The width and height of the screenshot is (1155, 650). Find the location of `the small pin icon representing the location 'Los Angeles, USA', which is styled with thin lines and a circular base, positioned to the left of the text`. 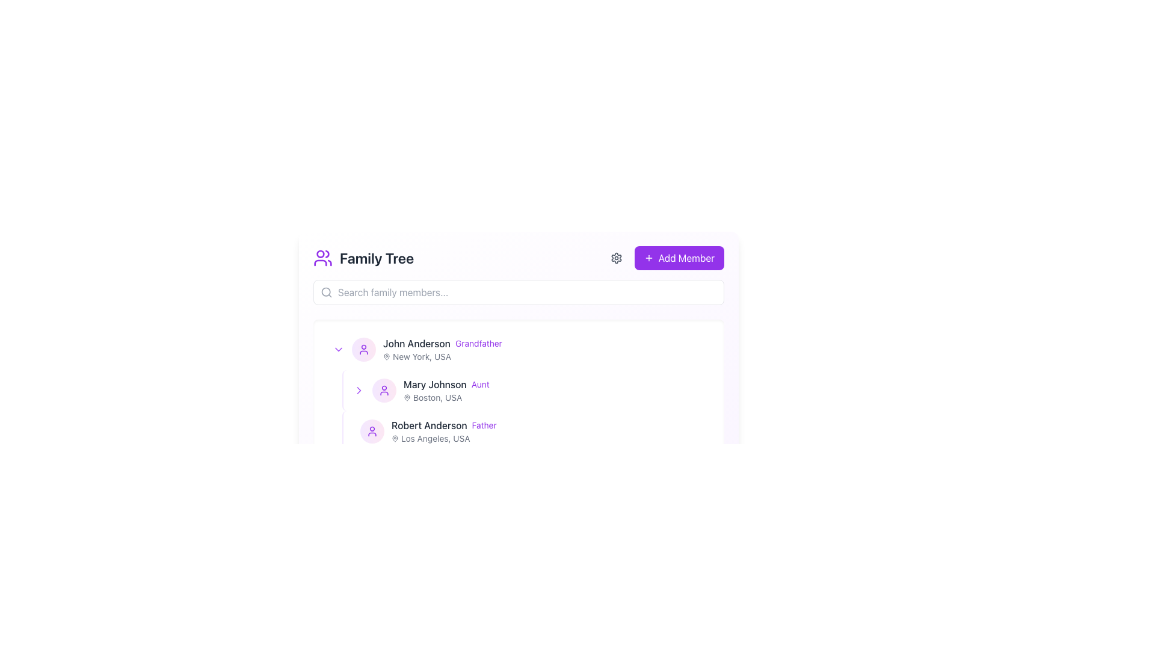

the small pin icon representing the location 'Los Angeles, USA', which is styled with thin lines and a circular base, positioned to the left of the text is located at coordinates (395, 439).